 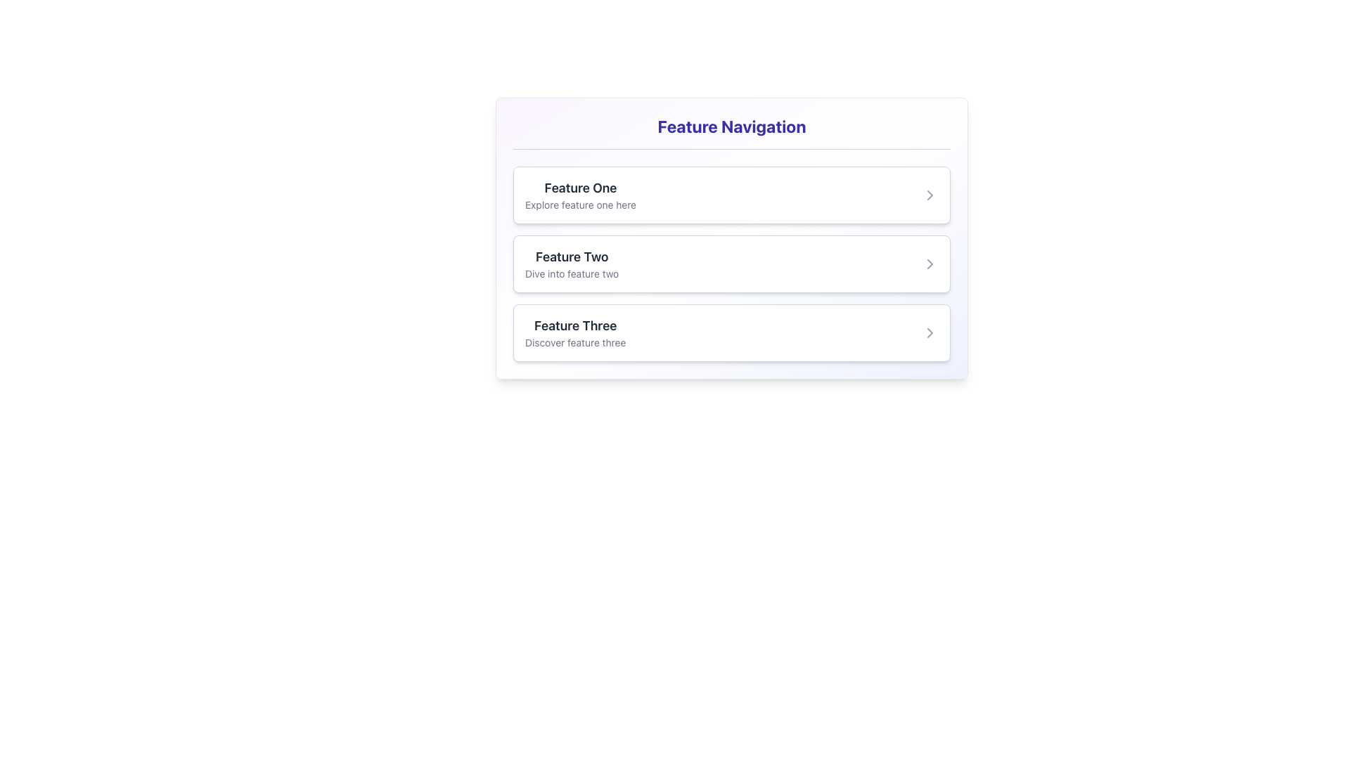 I want to click on the title text element that serves as the identifier for the corresponding feature entry in the vertically stacked feature list, so click(x=575, y=325).